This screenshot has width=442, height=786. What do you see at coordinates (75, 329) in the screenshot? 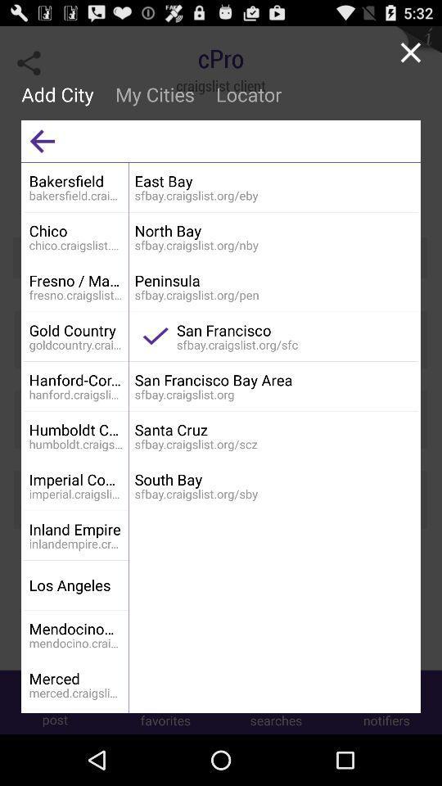
I see `app above hanford-corcoran` at bounding box center [75, 329].